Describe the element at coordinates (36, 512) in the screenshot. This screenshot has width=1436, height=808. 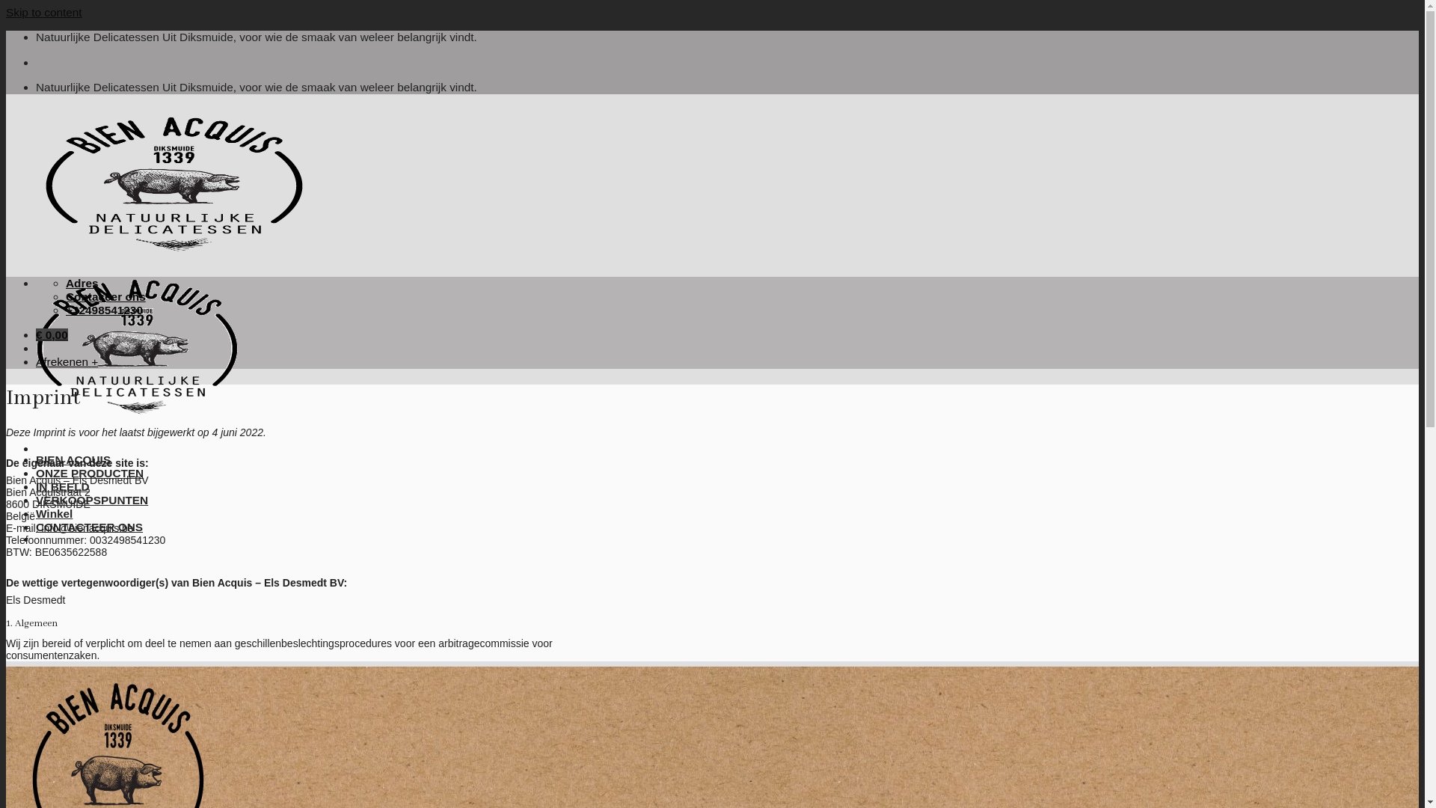
I see `'Winkel'` at that location.